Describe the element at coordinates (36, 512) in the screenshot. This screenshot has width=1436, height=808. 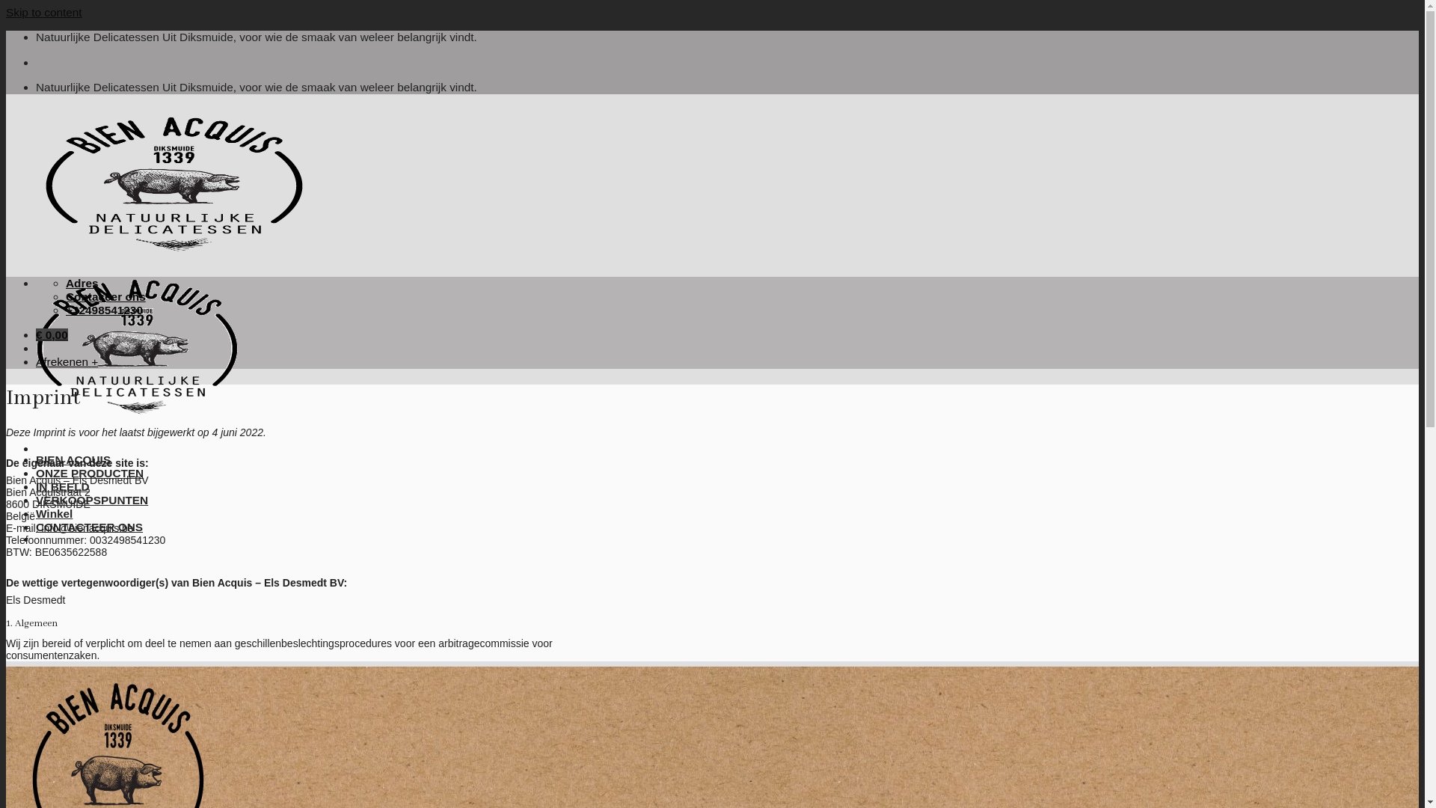
I see `'Winkel'` at that location.